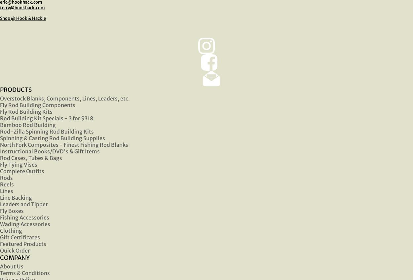  I want to click on 'PRODUCTS', so click(16, 89).